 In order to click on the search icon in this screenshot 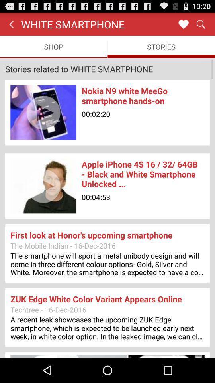, I will do `click(200, 26)`.